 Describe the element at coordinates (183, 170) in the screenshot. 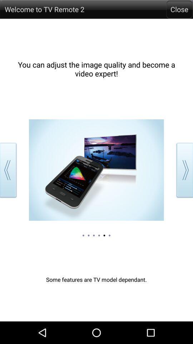

I see `the arrow icon which is on the right side` at that location.